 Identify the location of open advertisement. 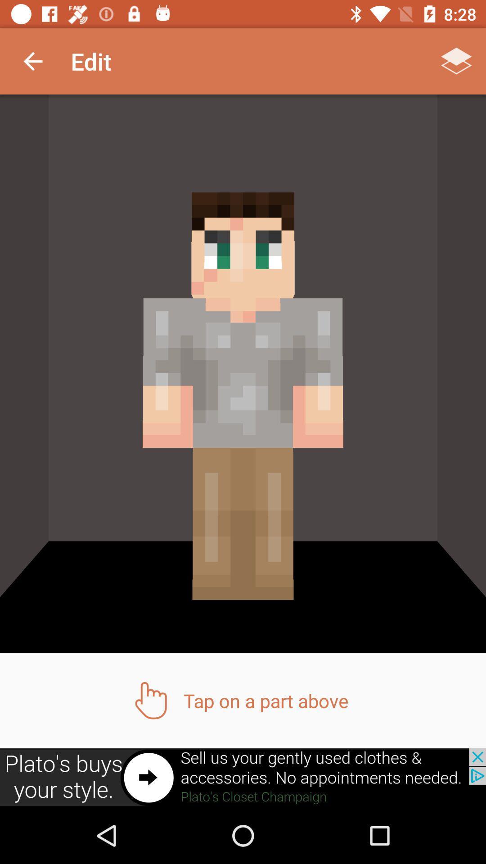
(243, 777).